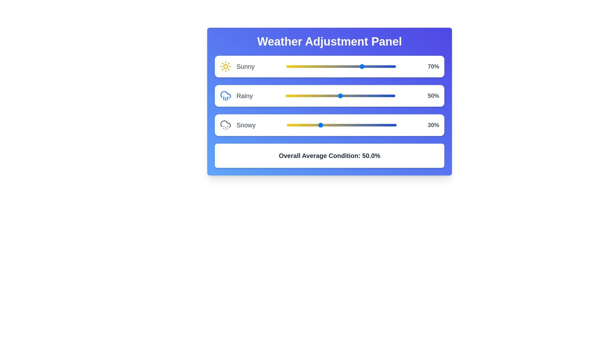 This screenshot has height=344, width=612. What do you see at coordinates (287, 65) in the screenshot?
I see `the 'Sunny' slider` at bounding box center [287, 65].